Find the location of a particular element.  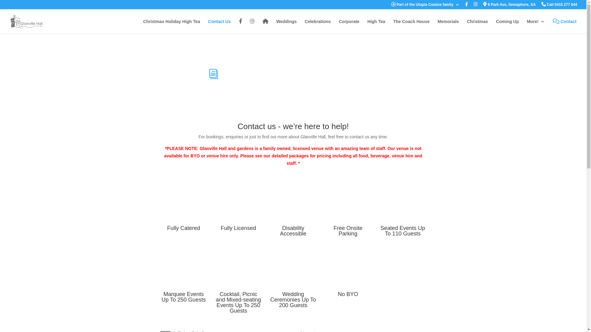

'8 Park Ave, Semaphore, SA' is located at coordinates (509, 6).